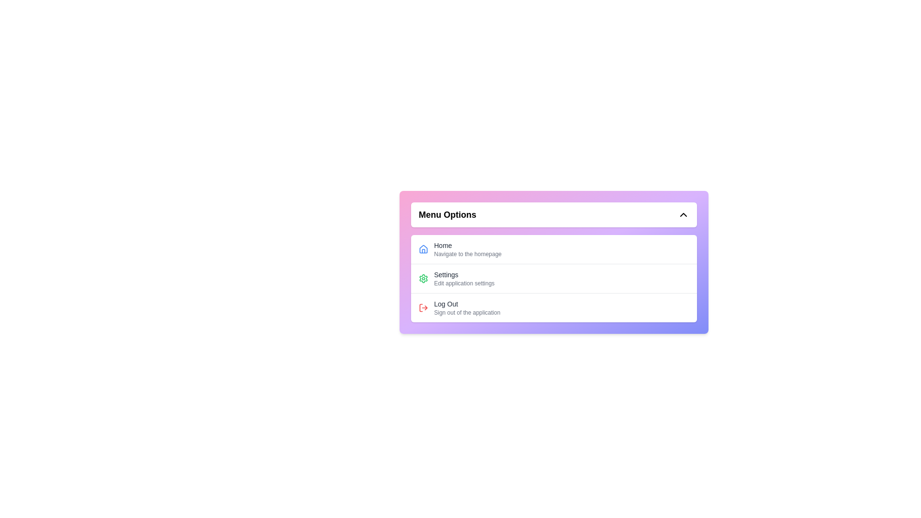 The image size is (921, 518). Describe the element at coordinates (554, 307) in the screenshot. I see `the 'Log Out' menu item to sign out of the application` at that location.